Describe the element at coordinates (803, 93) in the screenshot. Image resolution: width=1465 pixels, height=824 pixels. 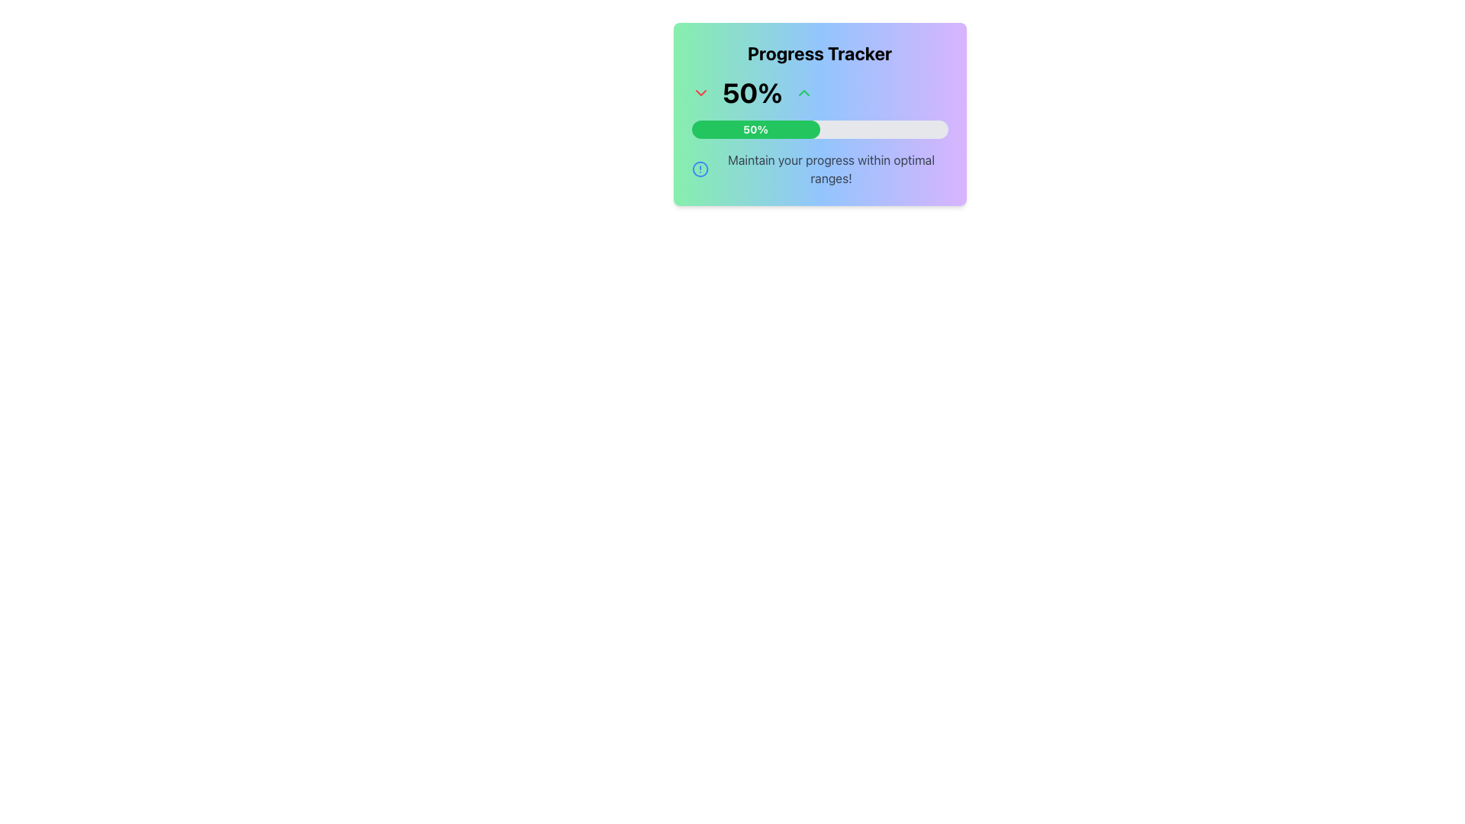
I see `the increment button located to the right of the displayed percentage '50%'` at that location.